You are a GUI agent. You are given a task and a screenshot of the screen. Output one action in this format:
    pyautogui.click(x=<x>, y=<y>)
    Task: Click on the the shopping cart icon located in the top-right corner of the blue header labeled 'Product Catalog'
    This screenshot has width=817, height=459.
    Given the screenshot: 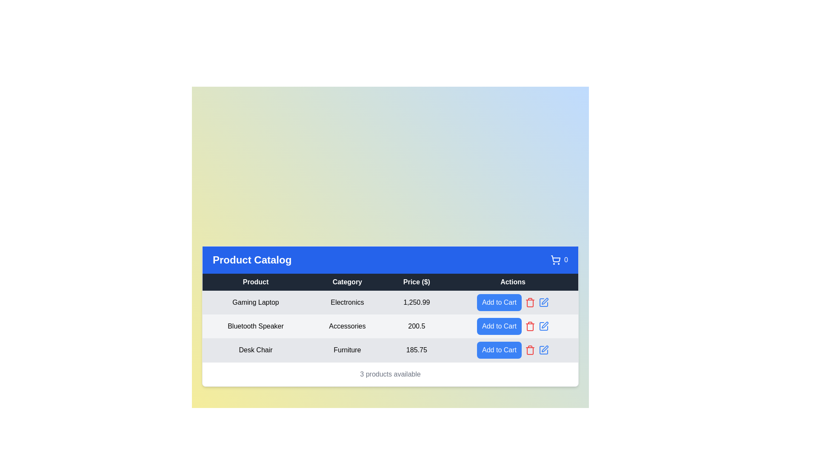 What is the action you would take?
    pyautogui.click(x=559, y=259)
    